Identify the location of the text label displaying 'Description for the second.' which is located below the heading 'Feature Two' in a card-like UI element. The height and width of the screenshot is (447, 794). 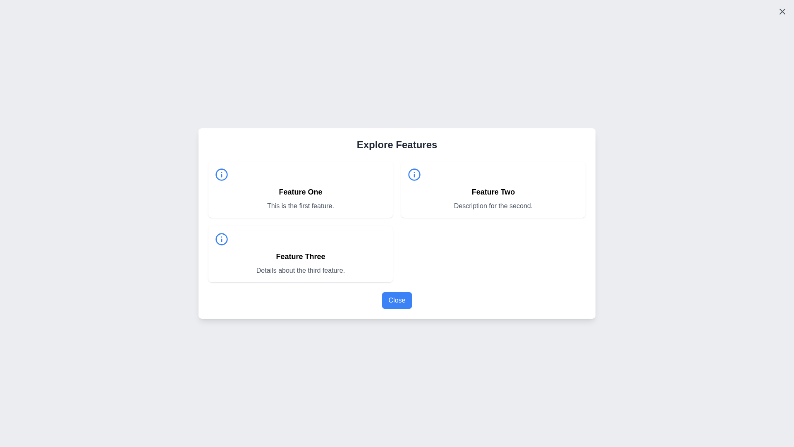
(493, 205).